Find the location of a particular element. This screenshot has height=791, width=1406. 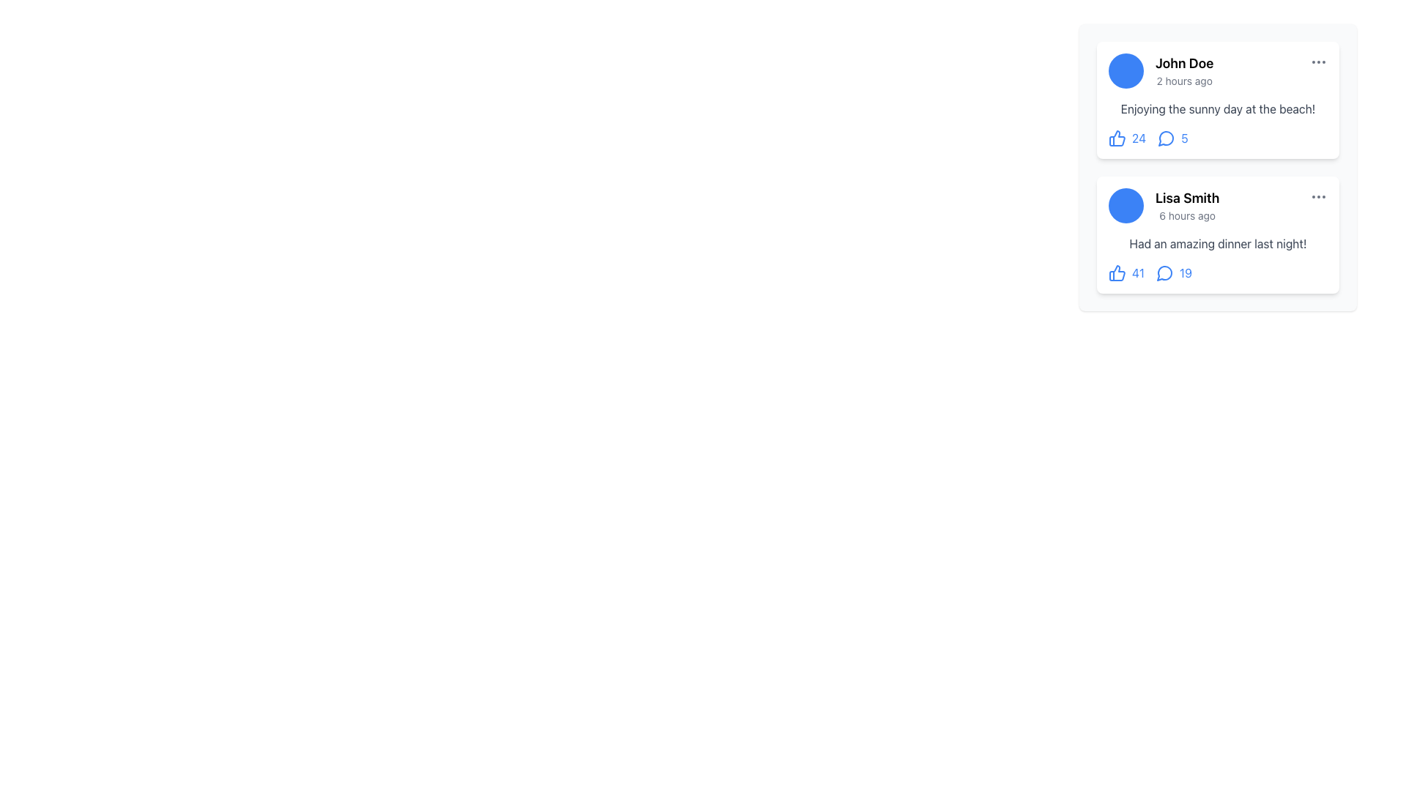

the interactive button representing a 'like' action for keyboard navigation is located at coordinates (1126, 273).